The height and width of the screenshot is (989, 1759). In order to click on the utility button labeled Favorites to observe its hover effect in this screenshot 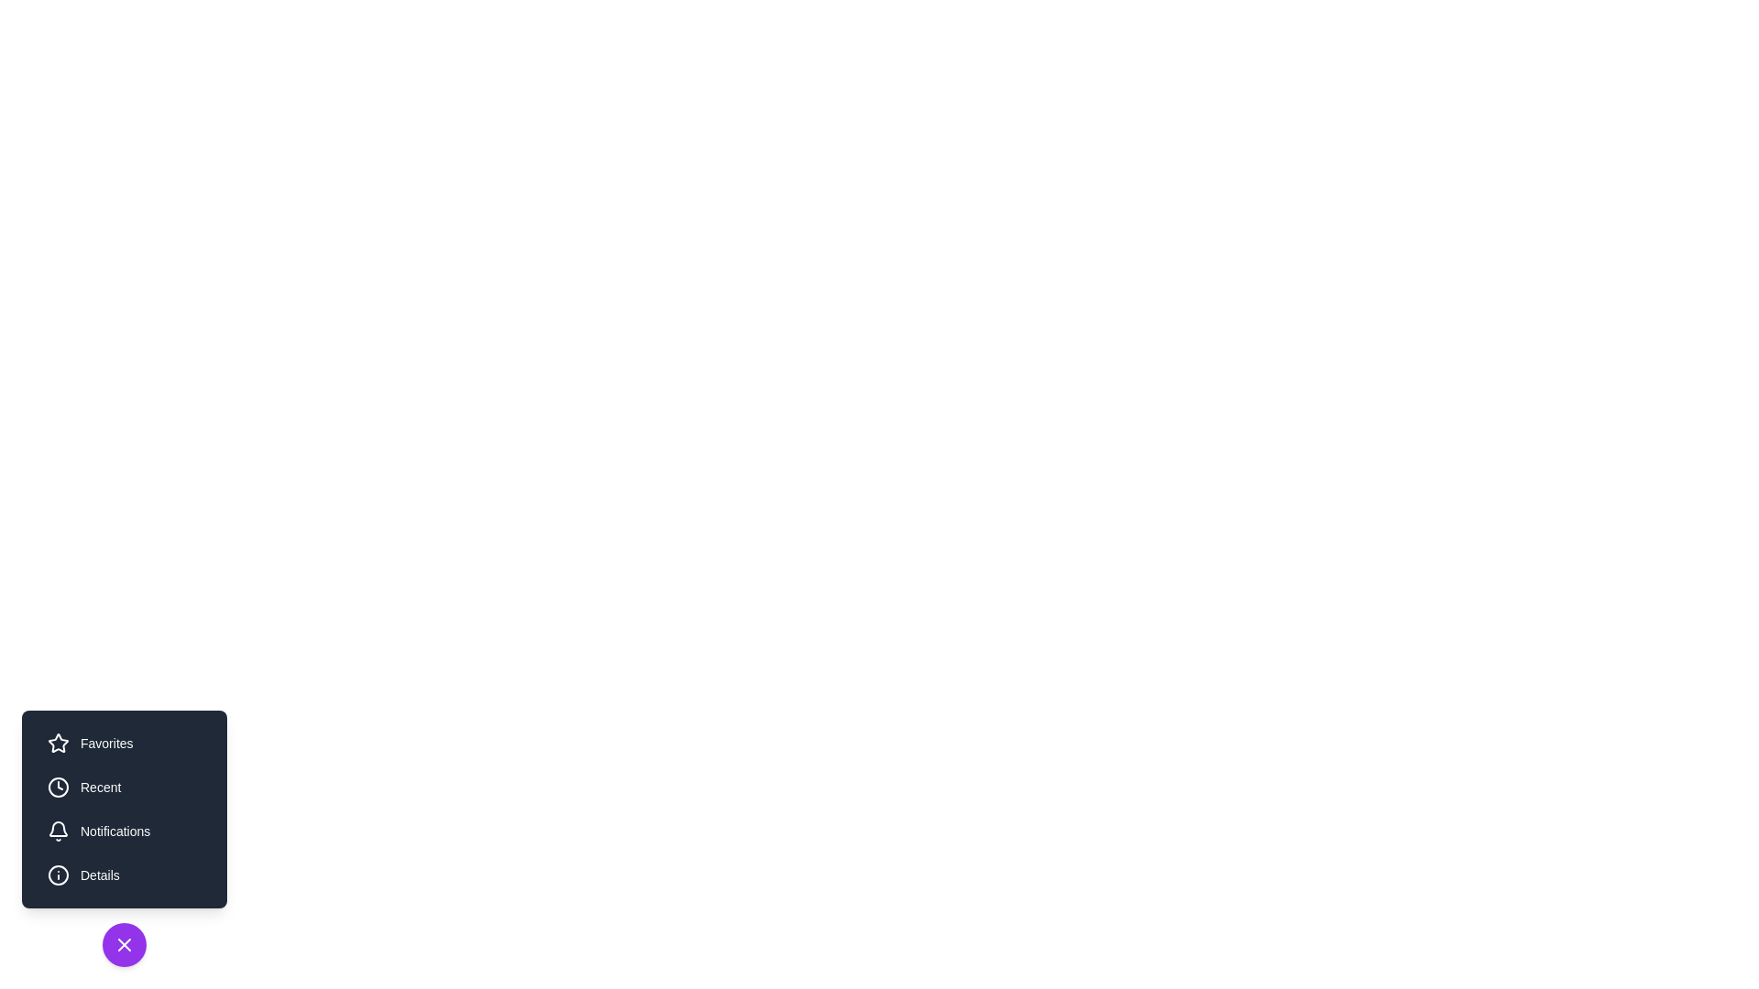, I will do `click(123, 744)`.